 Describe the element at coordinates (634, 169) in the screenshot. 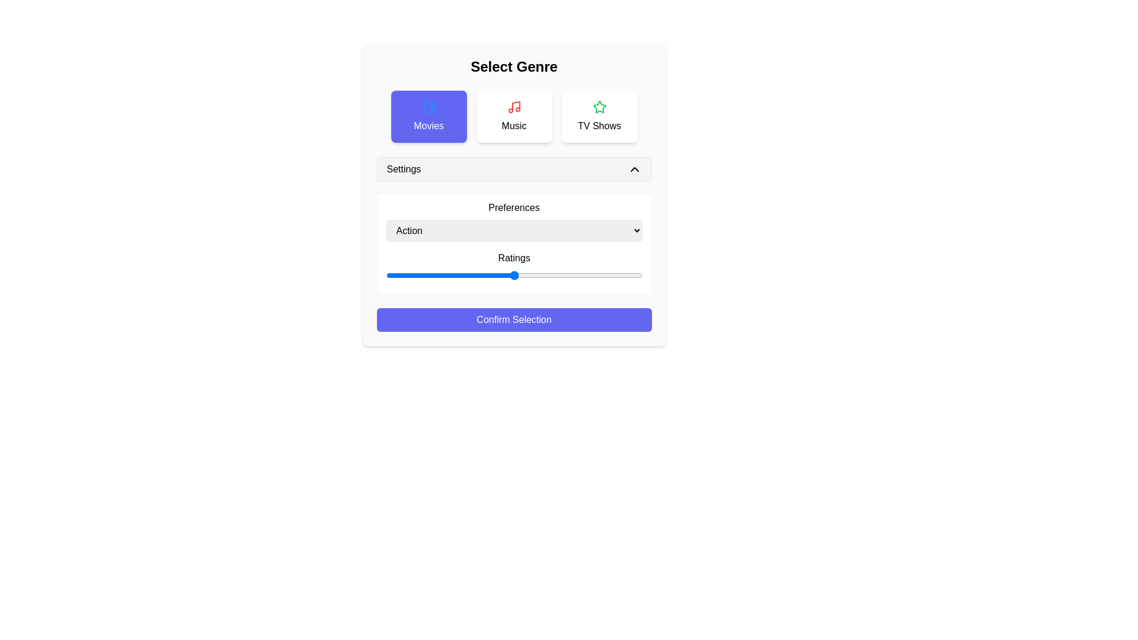

I see `the chevron icon located at the far right of the 'Settings' bar` at that location.